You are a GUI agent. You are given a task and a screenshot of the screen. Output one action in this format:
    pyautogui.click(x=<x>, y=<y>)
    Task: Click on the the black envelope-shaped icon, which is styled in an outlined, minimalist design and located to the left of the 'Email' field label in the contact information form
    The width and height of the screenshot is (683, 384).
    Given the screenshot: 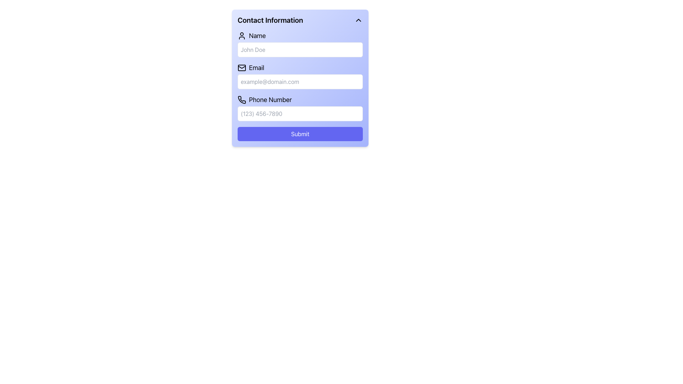 What is the action you would take?
    pyautogui.click(x=242, y=68)
    